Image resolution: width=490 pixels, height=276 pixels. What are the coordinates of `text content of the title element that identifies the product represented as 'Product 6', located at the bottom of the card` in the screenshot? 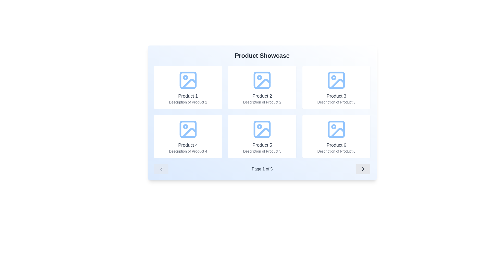 It's located at (336, 145).